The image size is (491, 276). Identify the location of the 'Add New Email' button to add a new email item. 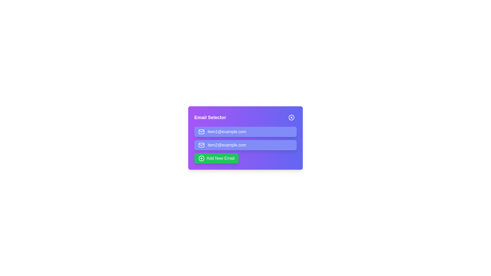
(216, 158).